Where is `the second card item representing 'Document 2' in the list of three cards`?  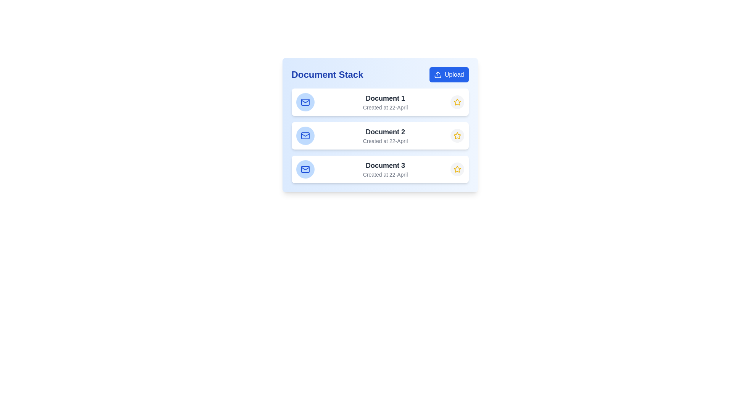 the second card item representing 'Document 2' in the list of three cards is located at coordinates (380, 124).